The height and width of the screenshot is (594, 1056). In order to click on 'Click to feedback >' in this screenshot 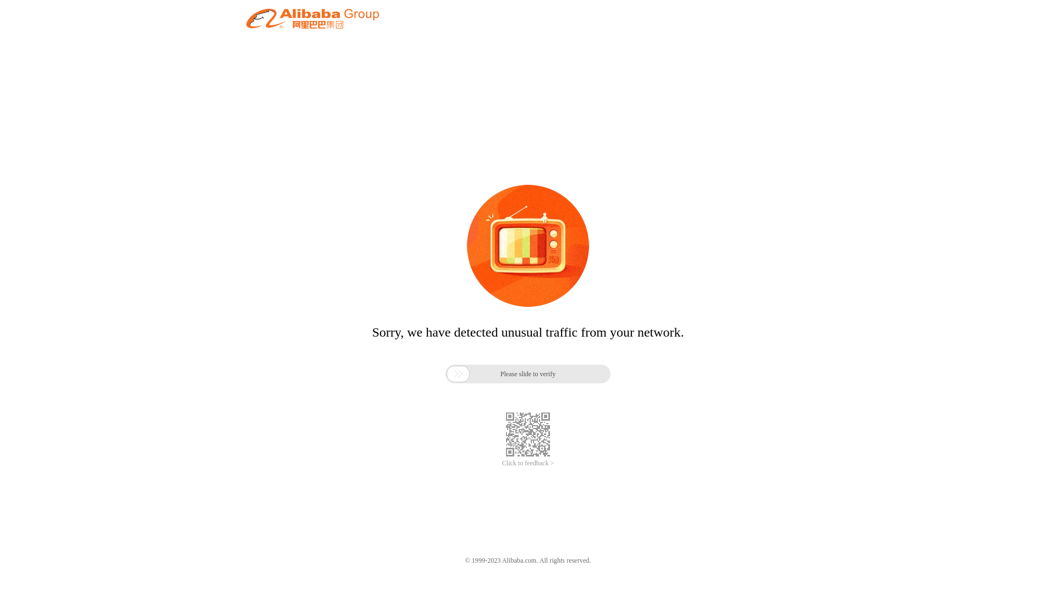, I will do `click(528, 463)`.